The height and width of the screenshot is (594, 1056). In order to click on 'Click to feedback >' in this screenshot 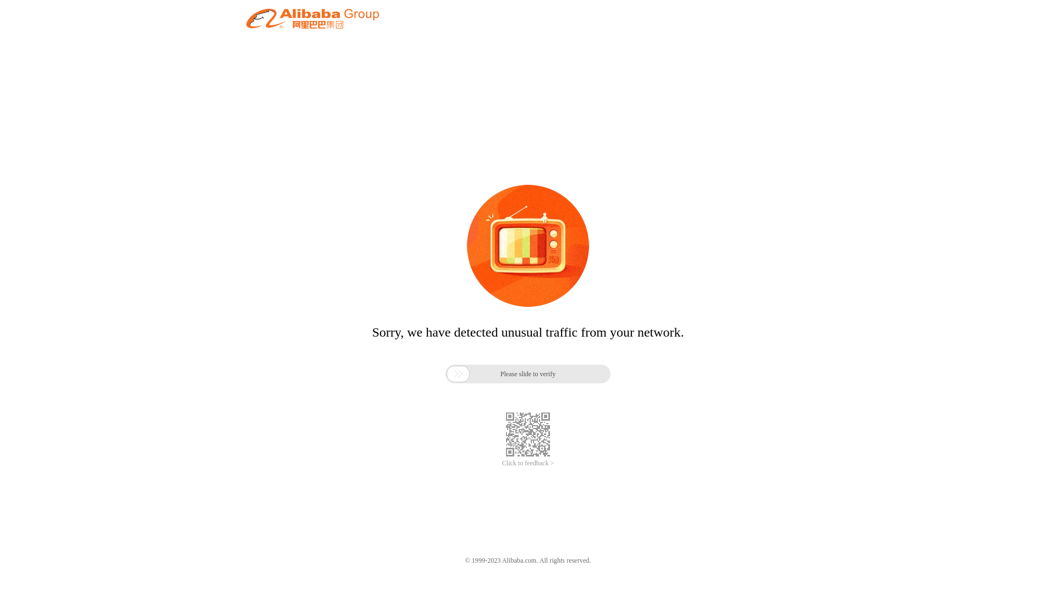, I will do `click(528, 463)`.